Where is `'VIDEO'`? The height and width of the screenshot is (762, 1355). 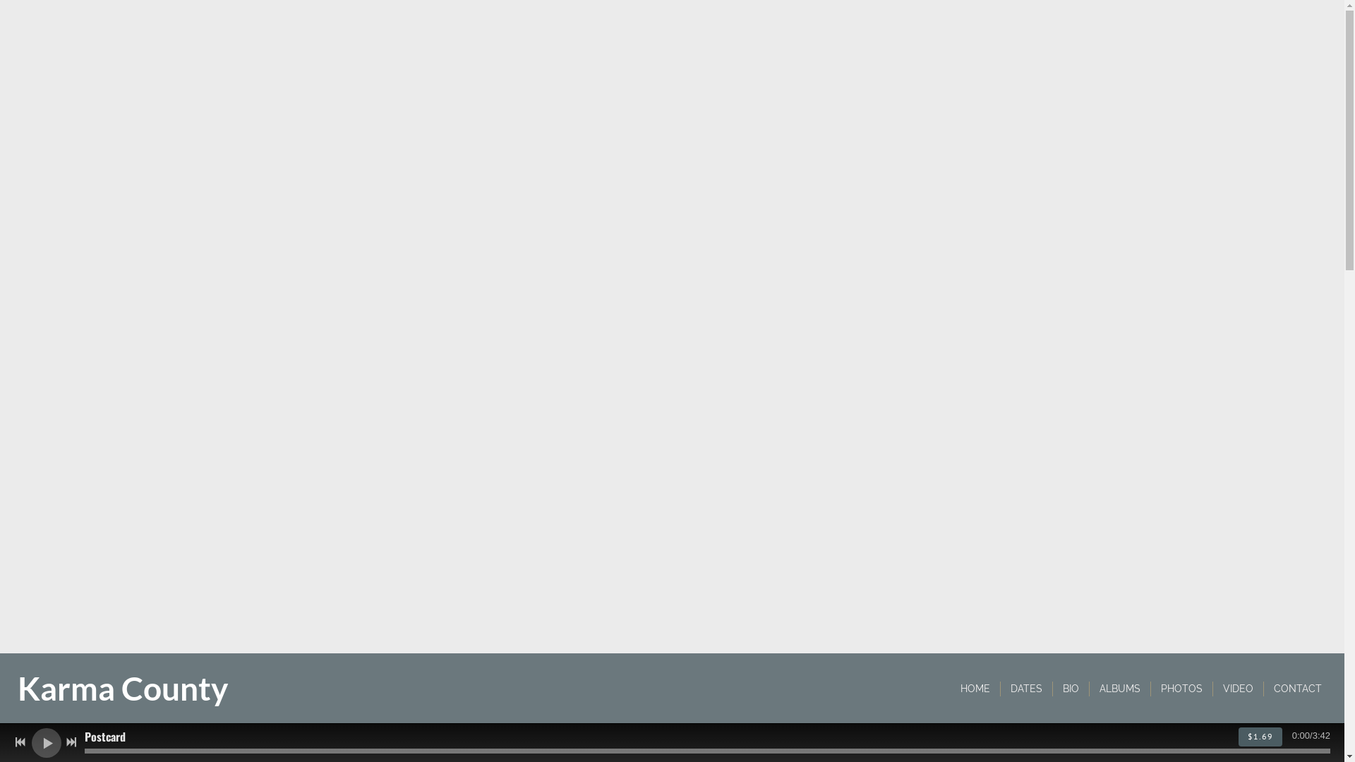
'VIDEO' is located at coordinates (1237, 688).